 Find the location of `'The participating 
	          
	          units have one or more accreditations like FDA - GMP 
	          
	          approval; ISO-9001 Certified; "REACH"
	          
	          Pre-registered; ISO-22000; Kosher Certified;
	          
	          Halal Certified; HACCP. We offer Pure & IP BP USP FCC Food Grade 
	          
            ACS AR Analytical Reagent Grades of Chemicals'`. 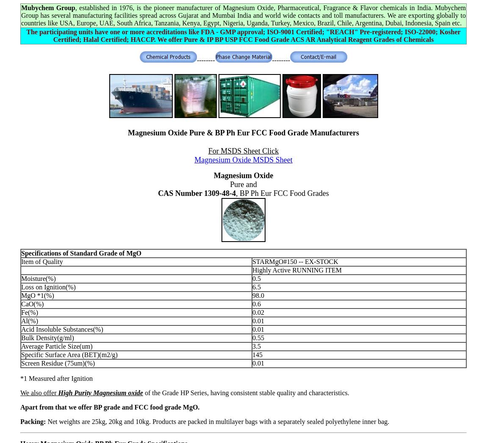

'The participating 
	          
	          units have one or more accreditations like FDA - GMP 
	          
	          approval; ISO-9001 Certified; "REACH"
	          
	          Pre-registered; ISO-22000; Kosher Certified;
	          
	          Halal Certified; HACCP. We offer Pure & IP BP USP FCC Food Grade 
	          
            ACS AR Analytical Reagent Grades of Chemicals' is located at coordinates (243, 36).